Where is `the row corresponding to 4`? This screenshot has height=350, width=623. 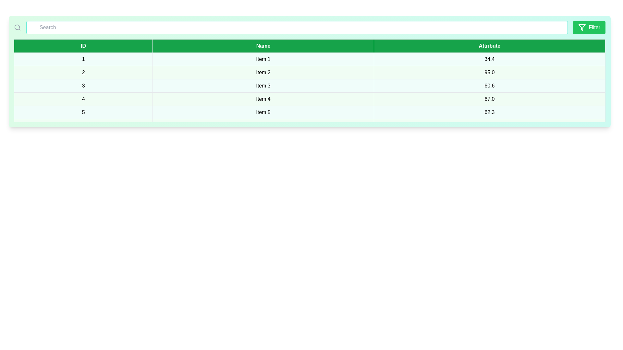 the row corresponding to 4 is located at coordinates (162, 113).